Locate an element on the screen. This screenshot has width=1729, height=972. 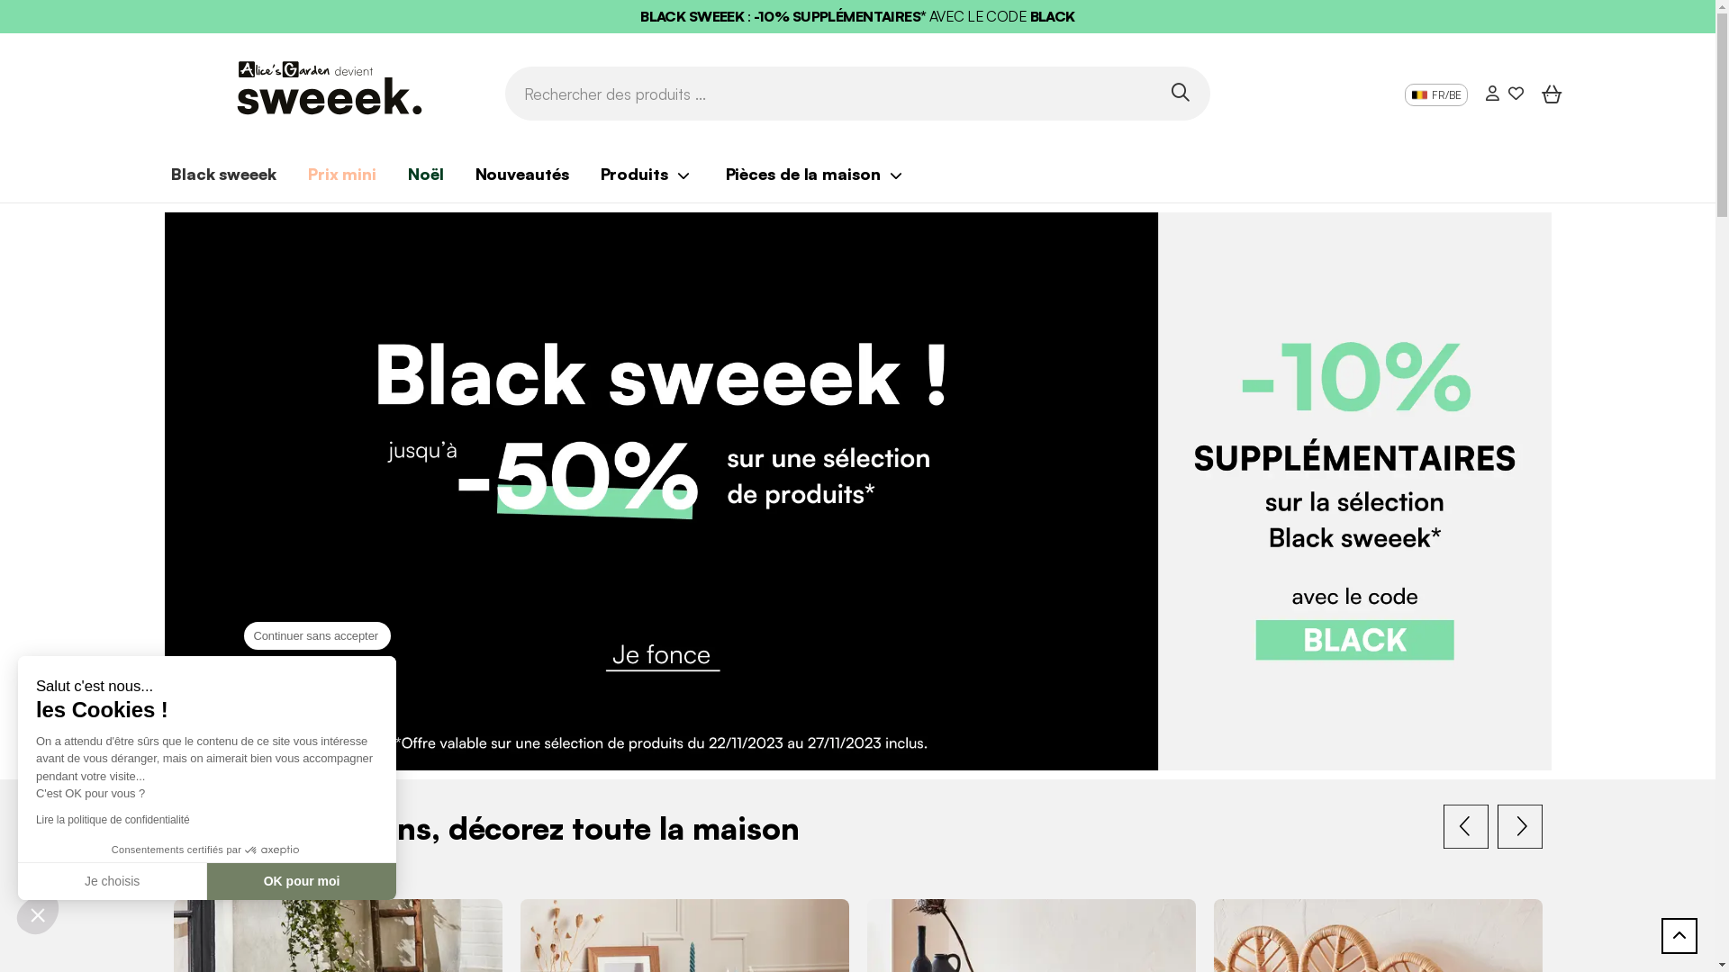
'Je choisis' is located at coordinates (111, 880).